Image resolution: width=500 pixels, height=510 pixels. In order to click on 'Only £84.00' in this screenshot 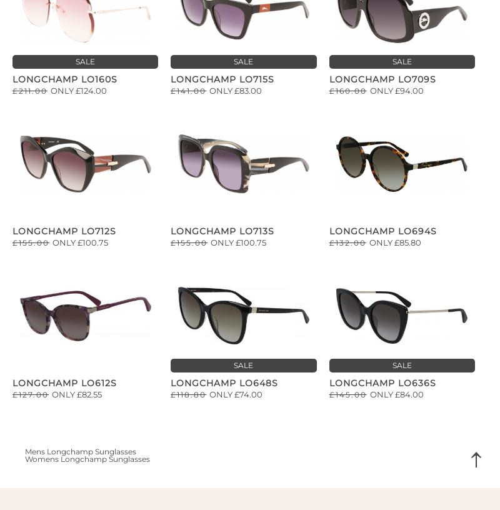, I will do `click(396, 393)`.